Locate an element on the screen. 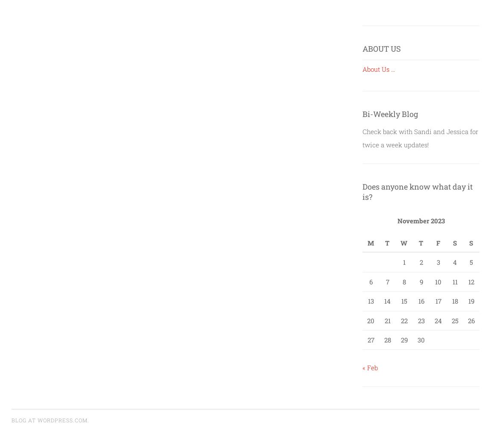 Image resolution: width=491 pixels, height=433 pixels. 'M' is located at coordinates (371, 242).